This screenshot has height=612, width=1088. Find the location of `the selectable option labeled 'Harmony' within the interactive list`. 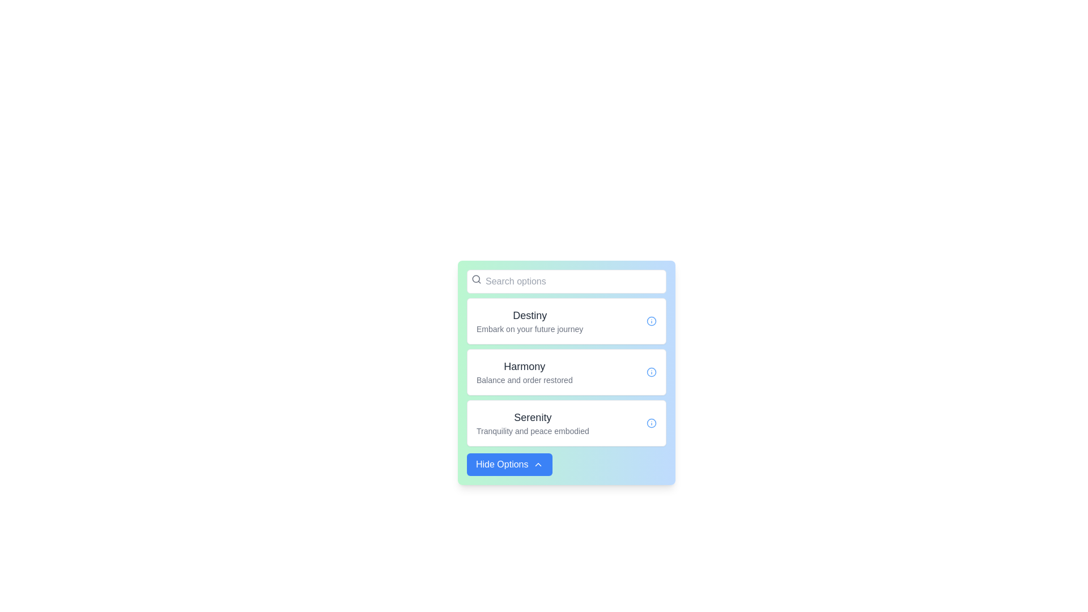

the selectable option labeled 'Harmony' within the interactive list is located at coordinates (524, 372).